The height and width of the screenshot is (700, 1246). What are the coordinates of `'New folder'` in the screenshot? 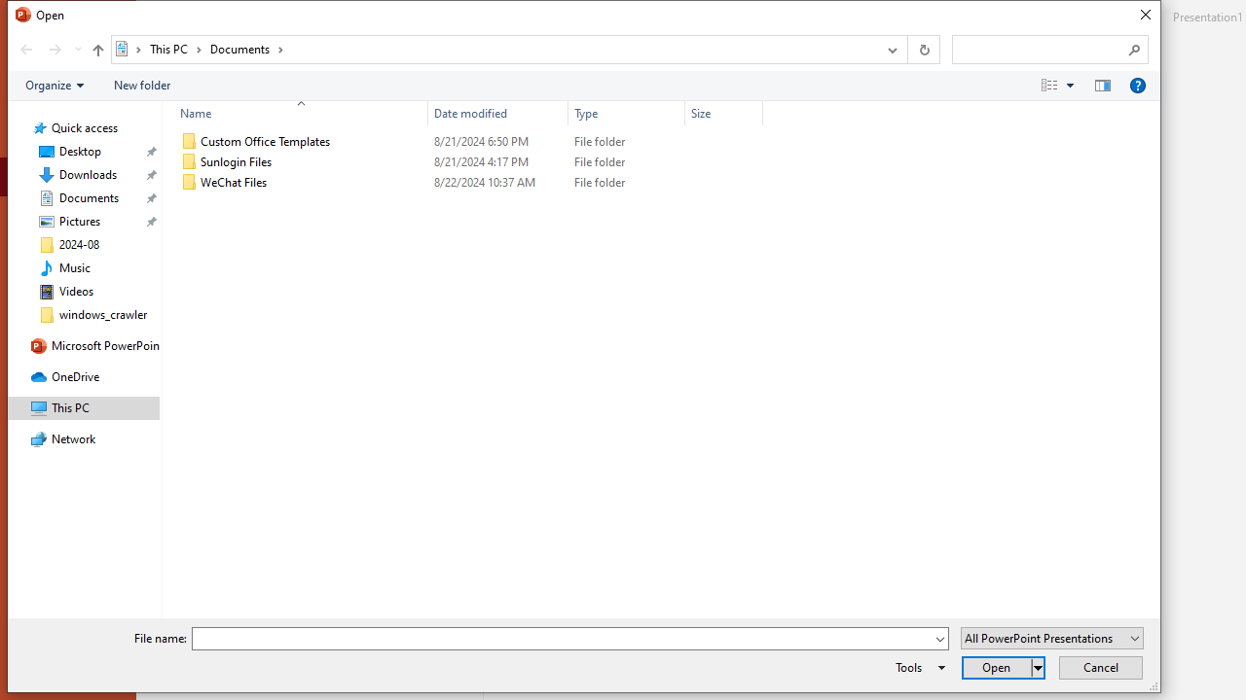 It's located at (140, 84).